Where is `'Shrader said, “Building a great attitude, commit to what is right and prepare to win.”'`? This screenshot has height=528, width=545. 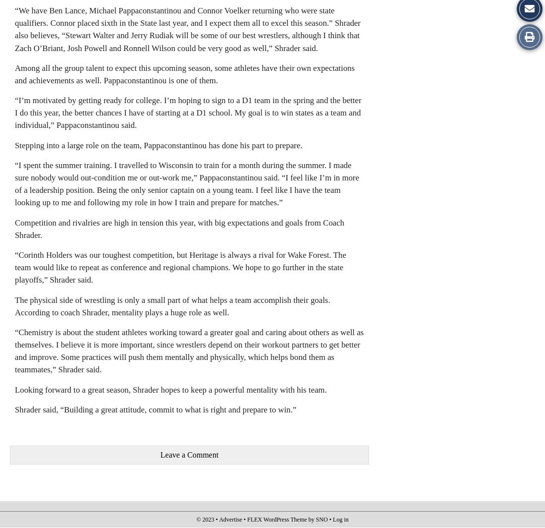
'Shrader said, “Building a great attitude, commit to what is right and prepare to win.”' is located at coordinates (155, 409).